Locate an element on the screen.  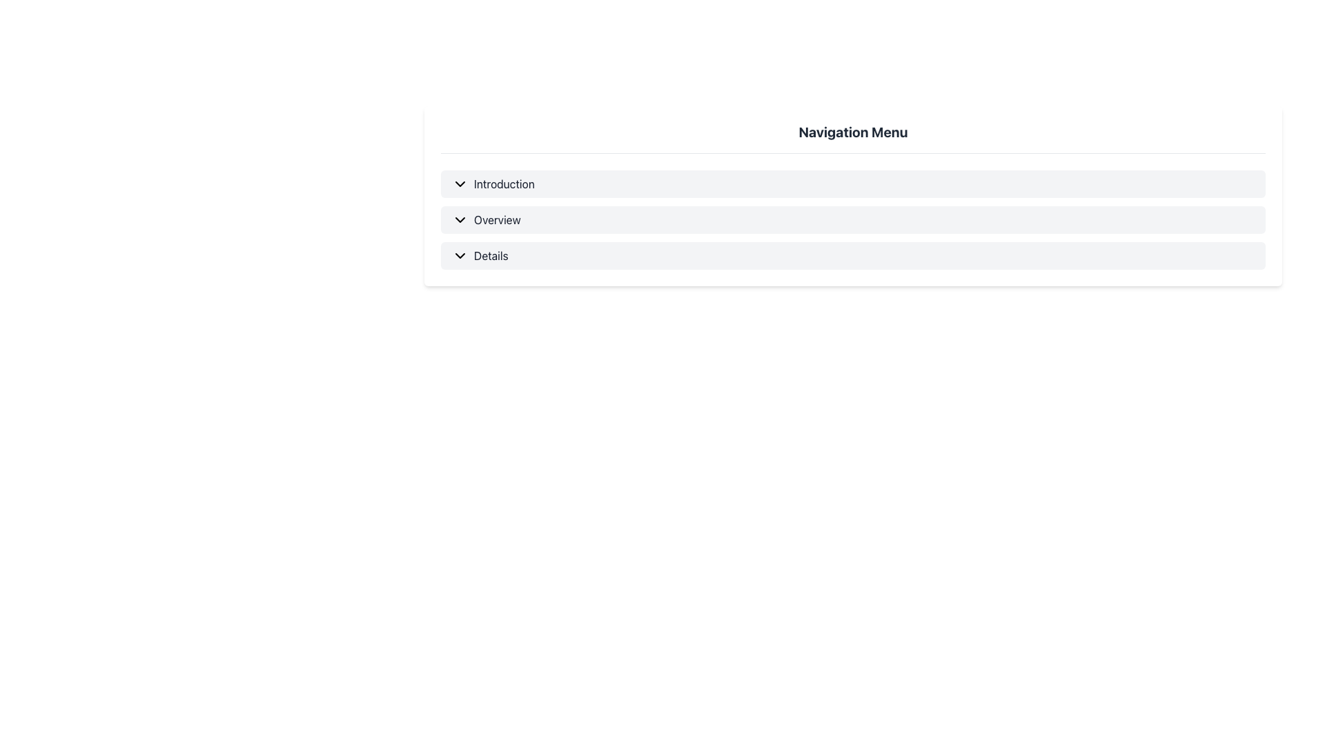
the Separator Line that visually divides the title 'Navigation Menu' from the subsequent content, positioned below the title is located at coordinates (852, 153).